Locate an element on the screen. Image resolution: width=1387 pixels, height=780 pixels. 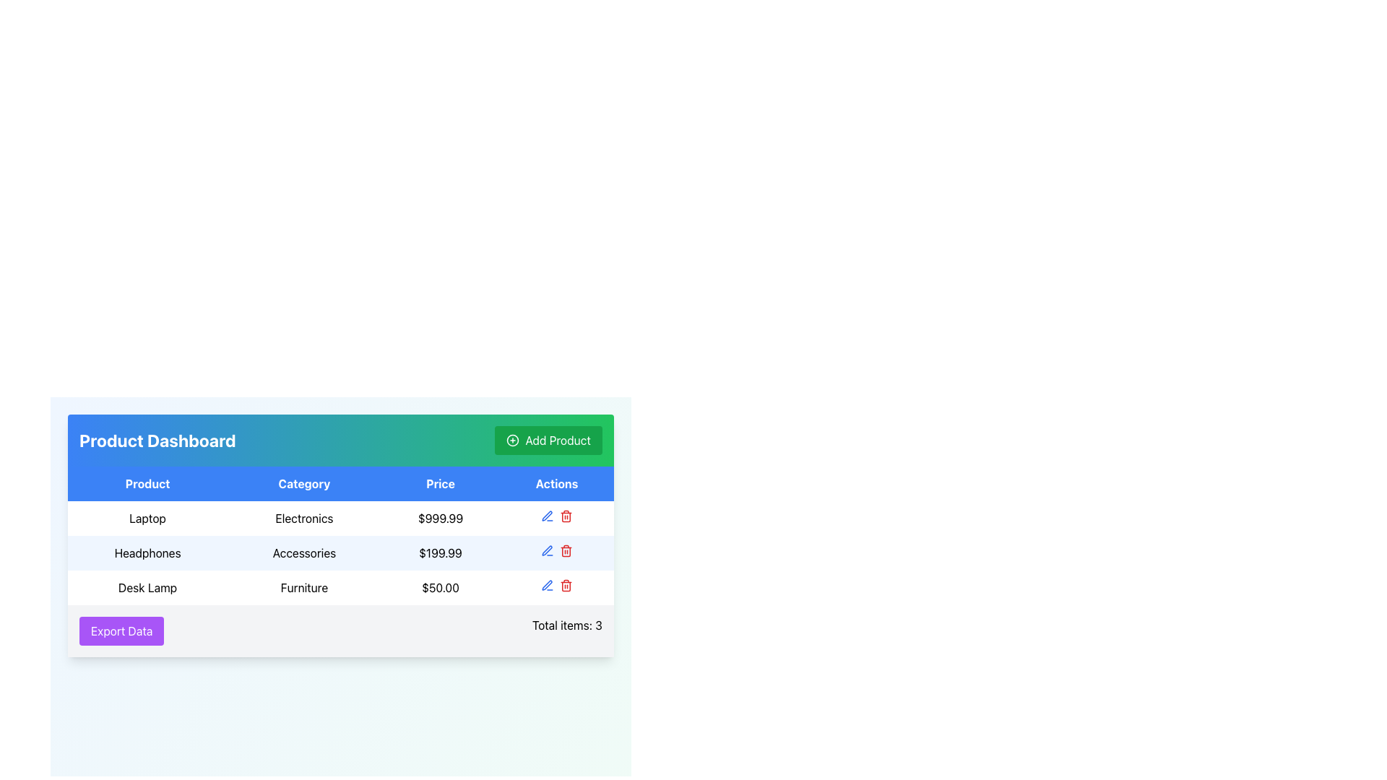
the red trash bin icon in the Actions column of the table row for the item 'Headphones' priced at $199.99 is located at coordinates (556, 552).